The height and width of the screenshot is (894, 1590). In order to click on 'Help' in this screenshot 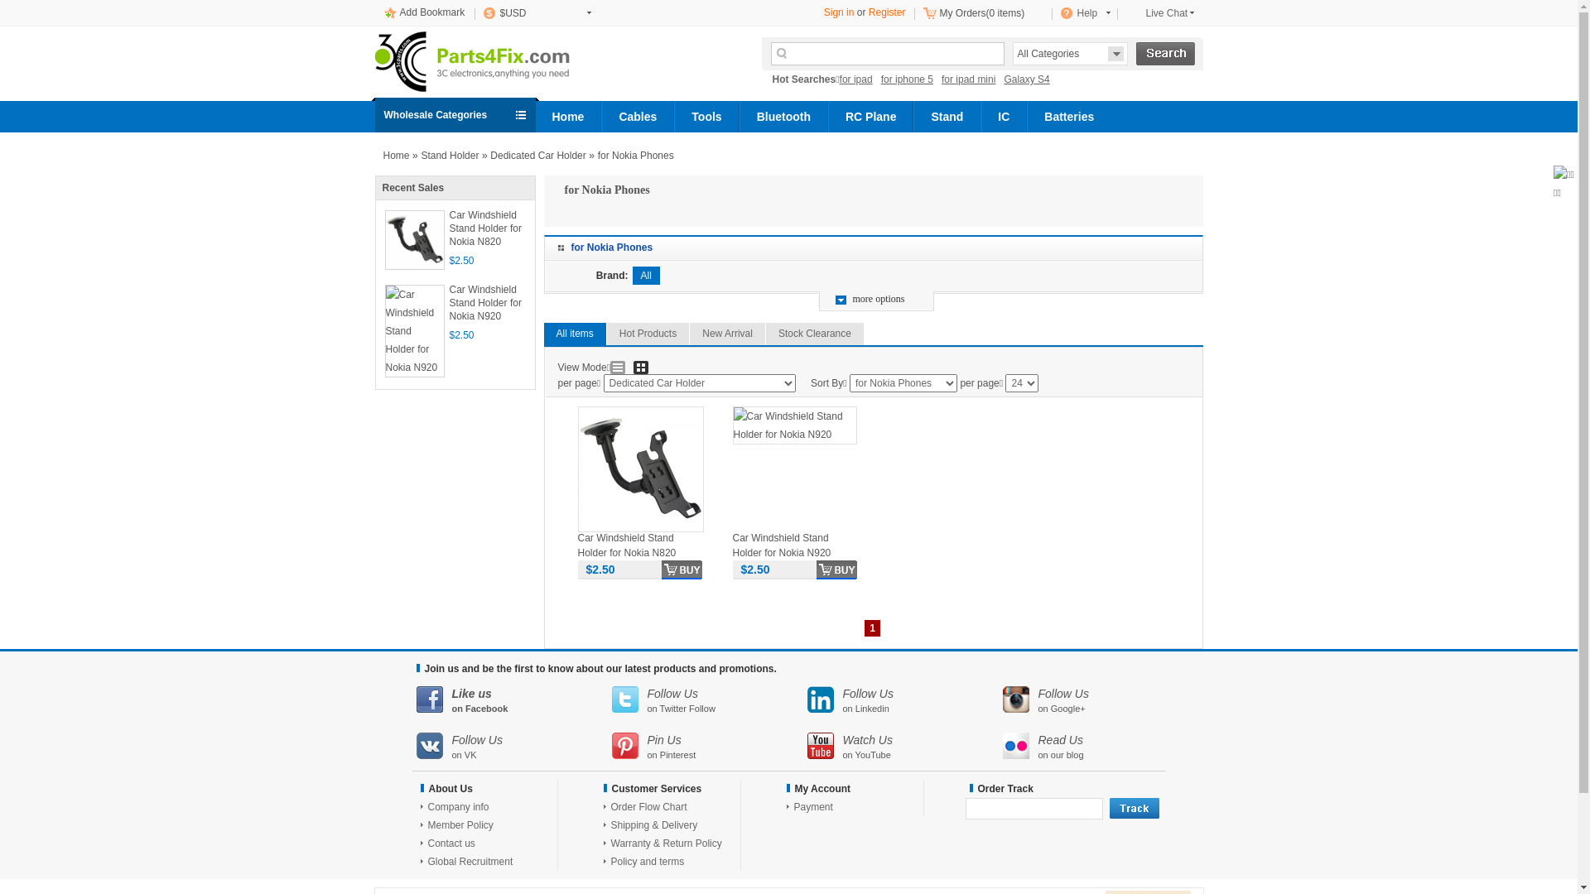, I will do `click(1084, 13)`.